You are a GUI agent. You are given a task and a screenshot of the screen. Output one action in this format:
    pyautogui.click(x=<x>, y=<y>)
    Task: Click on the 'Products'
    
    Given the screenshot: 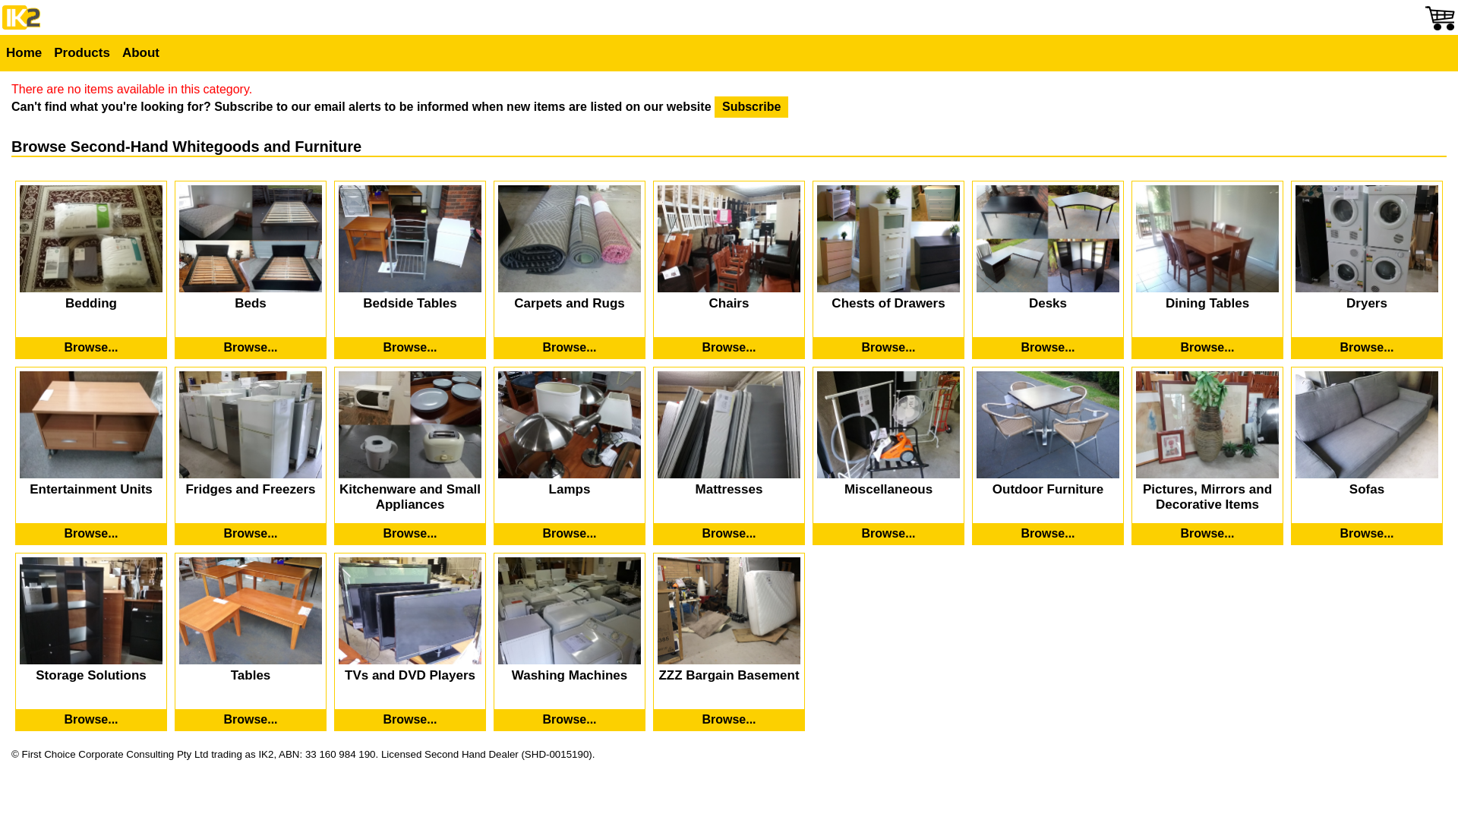 What is the action you would take?
    pyautogui.click(x=80, y=52)
    